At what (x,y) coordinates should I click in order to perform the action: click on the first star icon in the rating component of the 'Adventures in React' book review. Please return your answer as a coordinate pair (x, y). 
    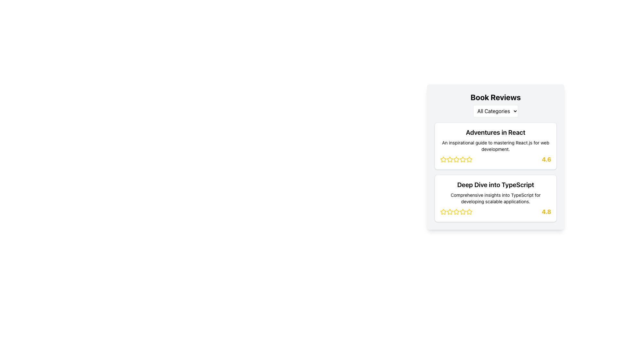
    Looking at the image, I should click on (443, 159).